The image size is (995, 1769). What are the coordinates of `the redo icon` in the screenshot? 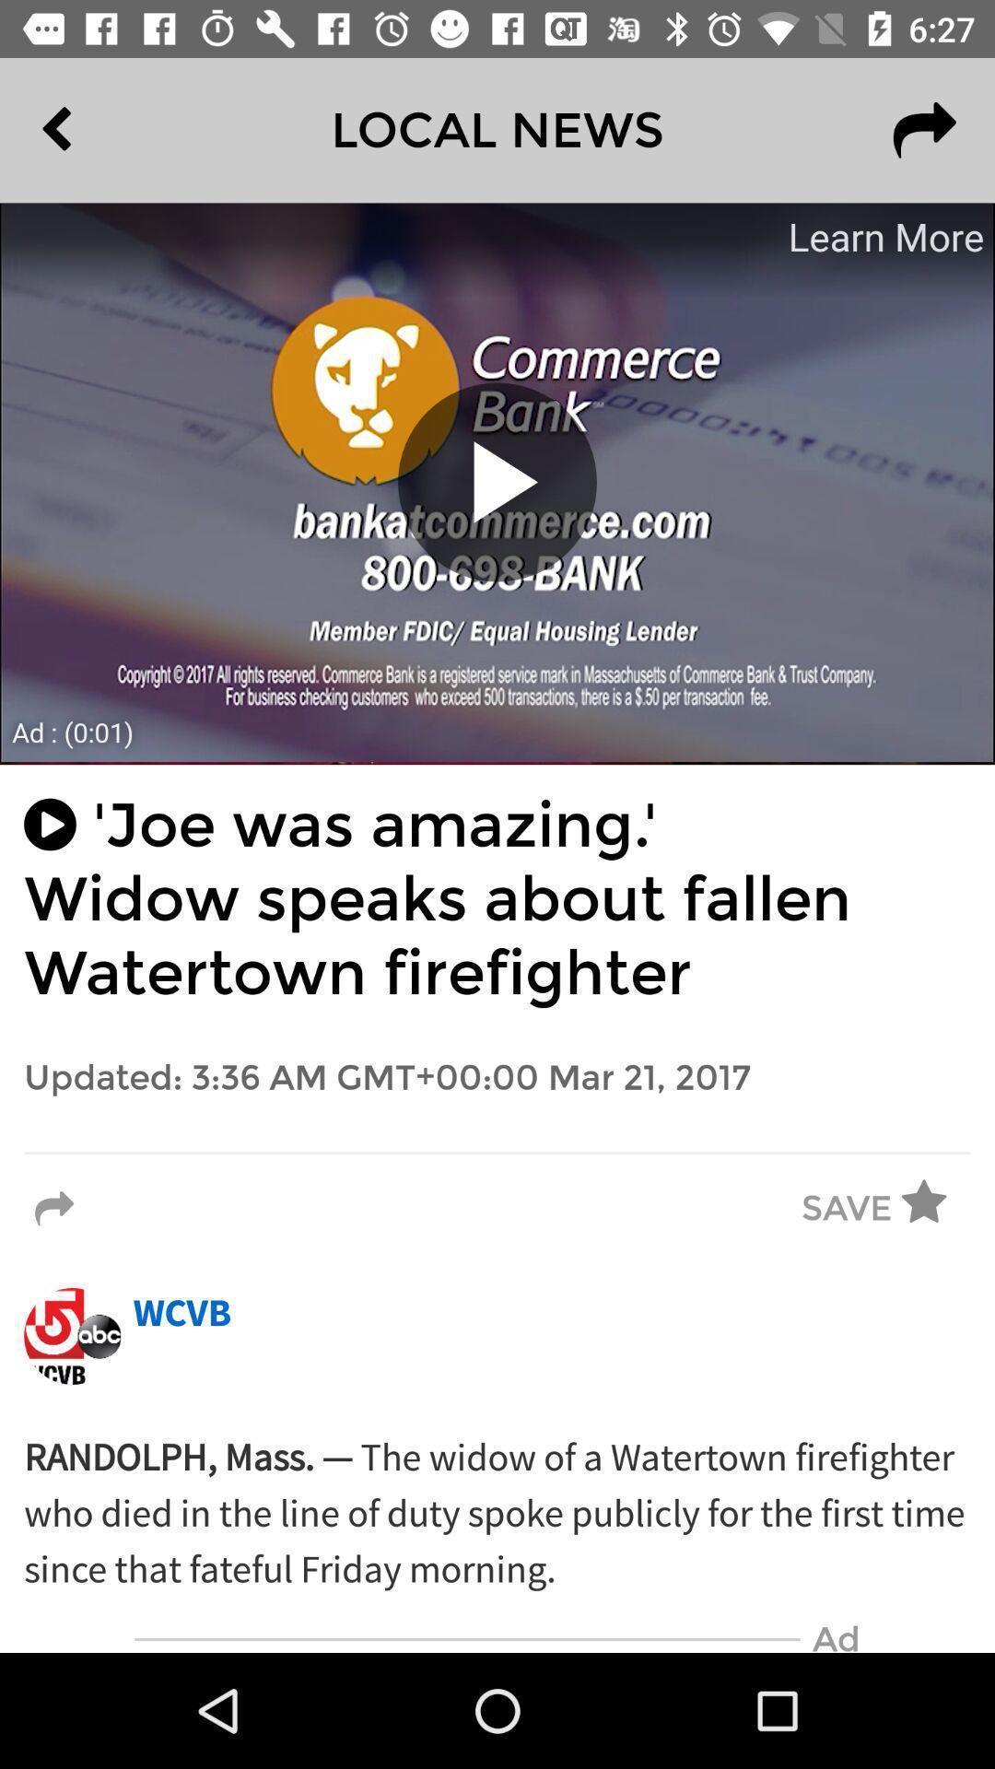 It's located at (924, 129).